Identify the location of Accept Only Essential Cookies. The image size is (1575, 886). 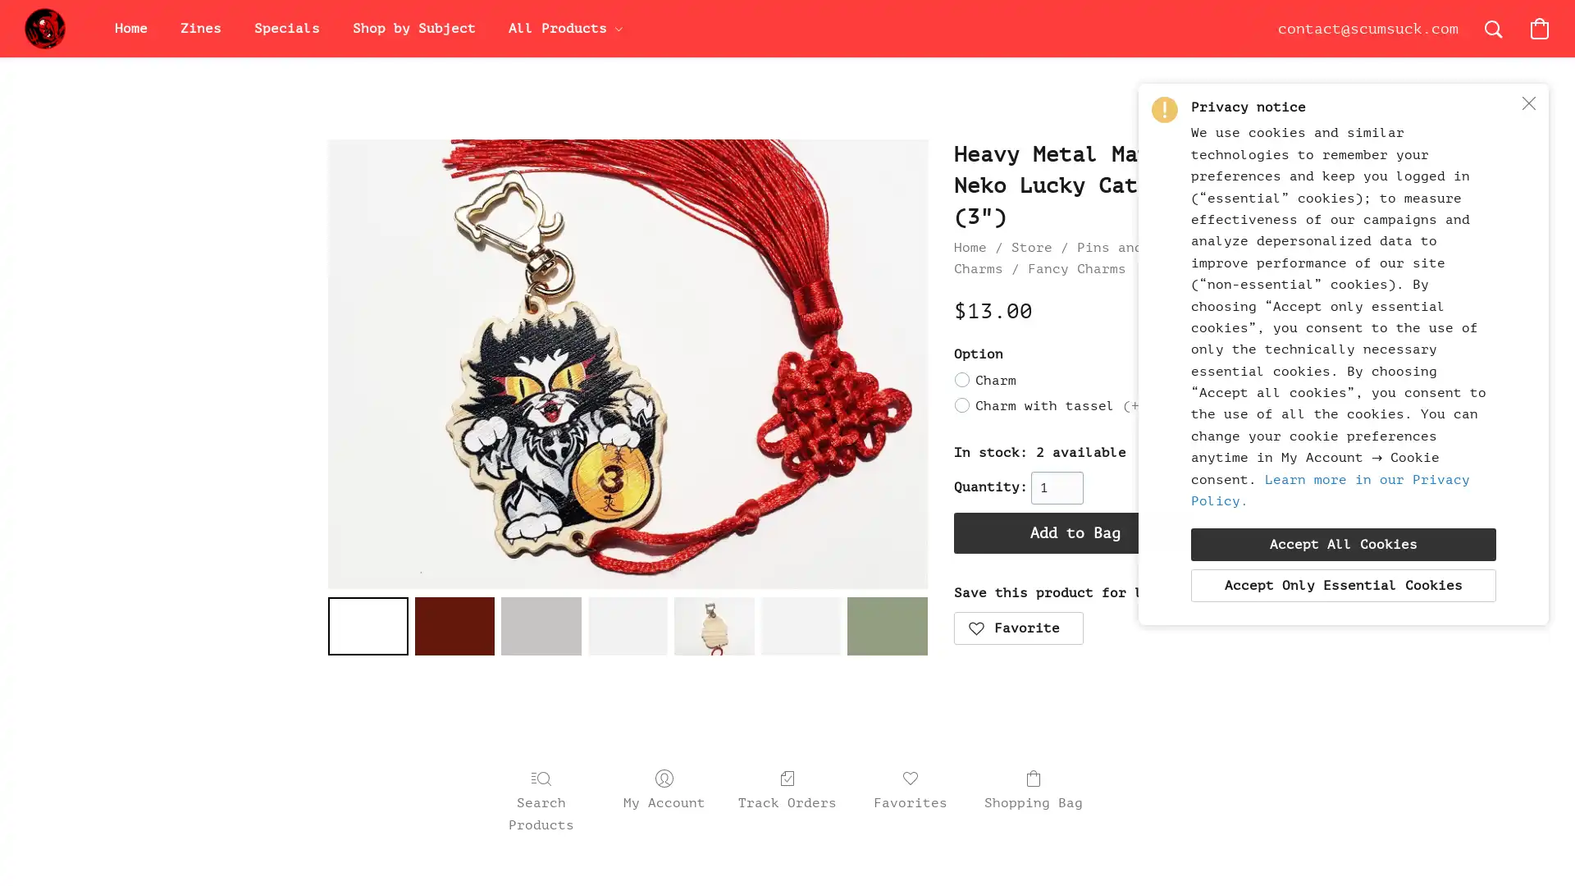
(1343, 584).